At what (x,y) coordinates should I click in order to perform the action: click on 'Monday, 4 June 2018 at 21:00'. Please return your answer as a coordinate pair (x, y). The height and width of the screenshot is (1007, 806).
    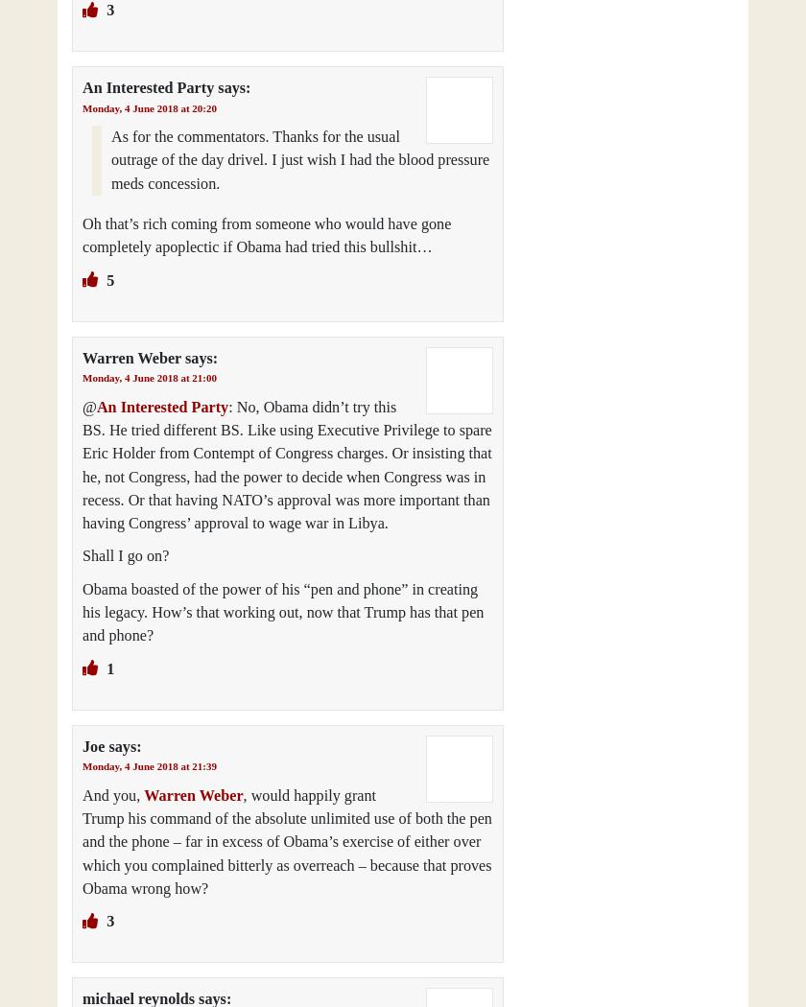
    Looking at the image, I should click on (149, 377).